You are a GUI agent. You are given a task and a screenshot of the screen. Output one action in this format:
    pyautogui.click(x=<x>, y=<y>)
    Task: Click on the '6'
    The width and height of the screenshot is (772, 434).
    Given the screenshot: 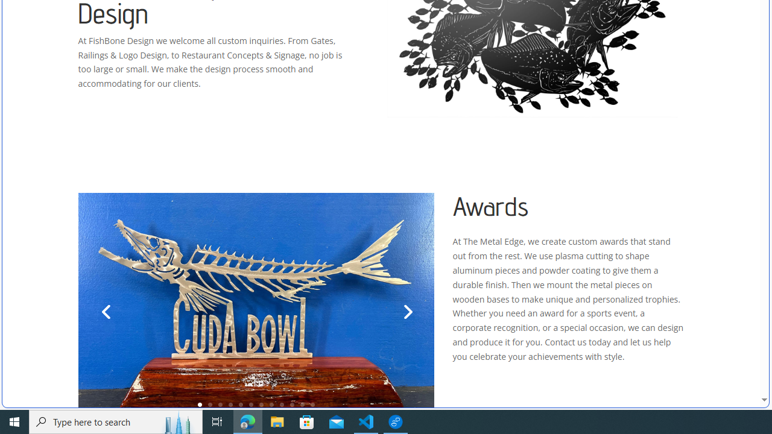 What is the action you would take?
    pyautogui.click(x=250, y=404)
    